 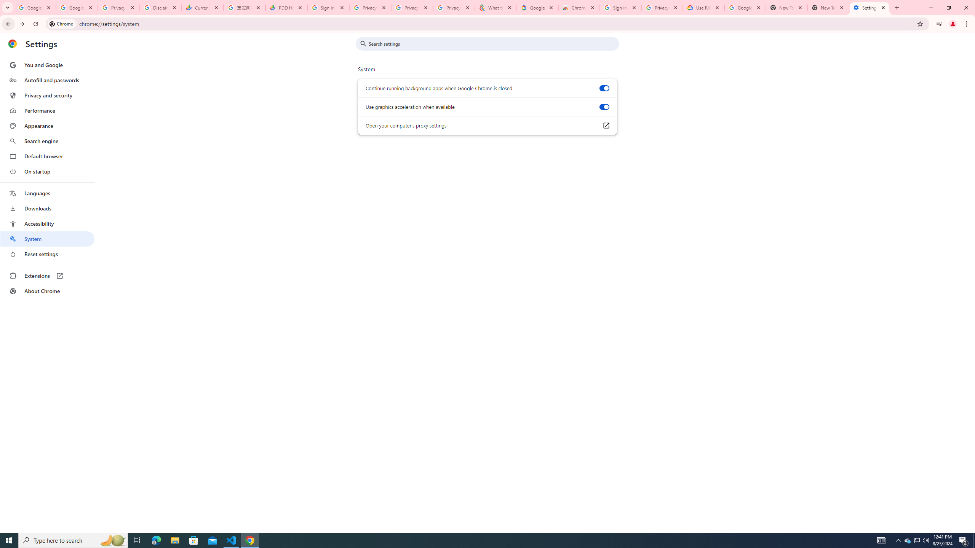 What do you see at coordinates (48, 178) in the screenshot?
I see `'AutomationID: menu'` at bounding box center [48, 178].